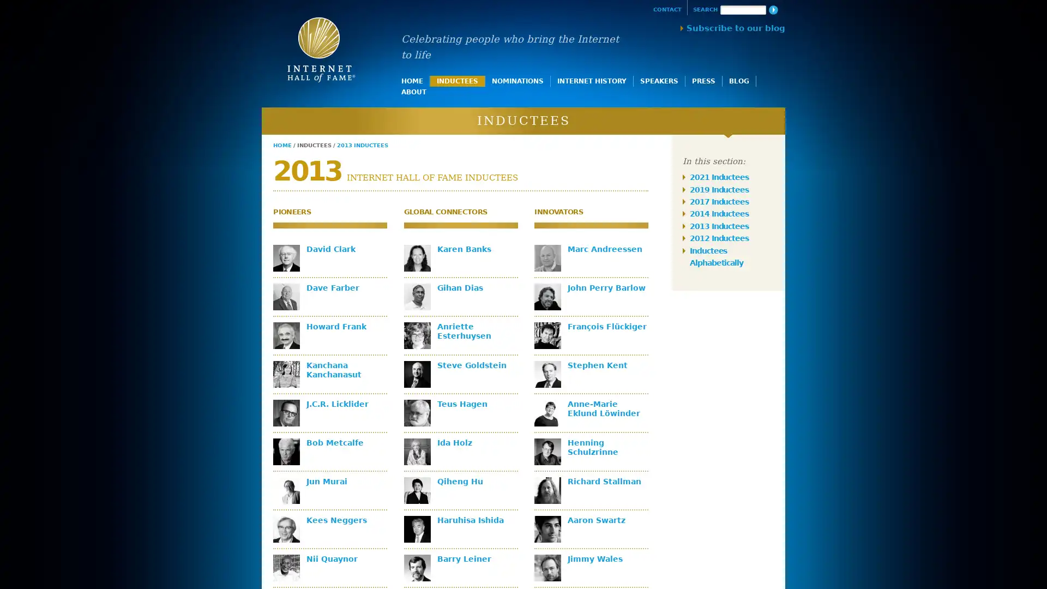 The image size is (1047, 589). I want to click on Search, so click(772, 10).